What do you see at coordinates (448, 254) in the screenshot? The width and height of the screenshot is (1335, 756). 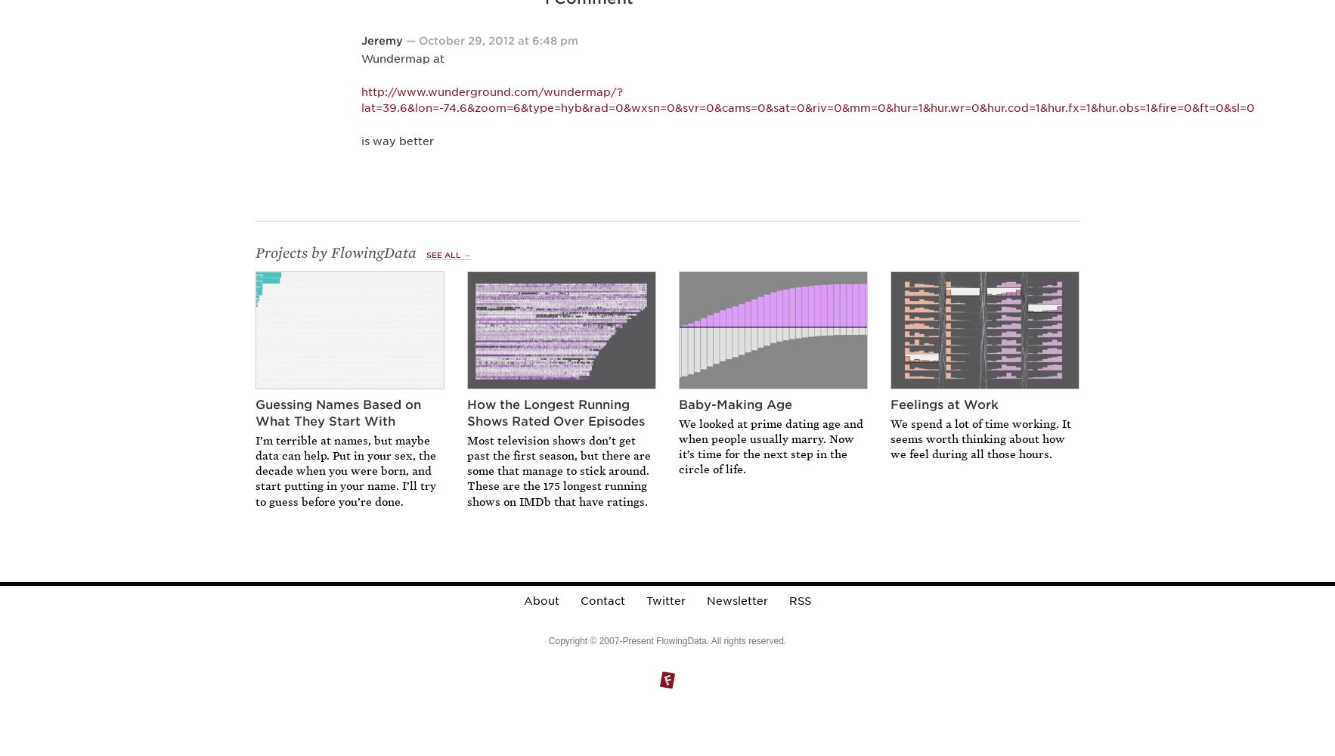 I see `'See All →'` at bounding box center [448, 254].